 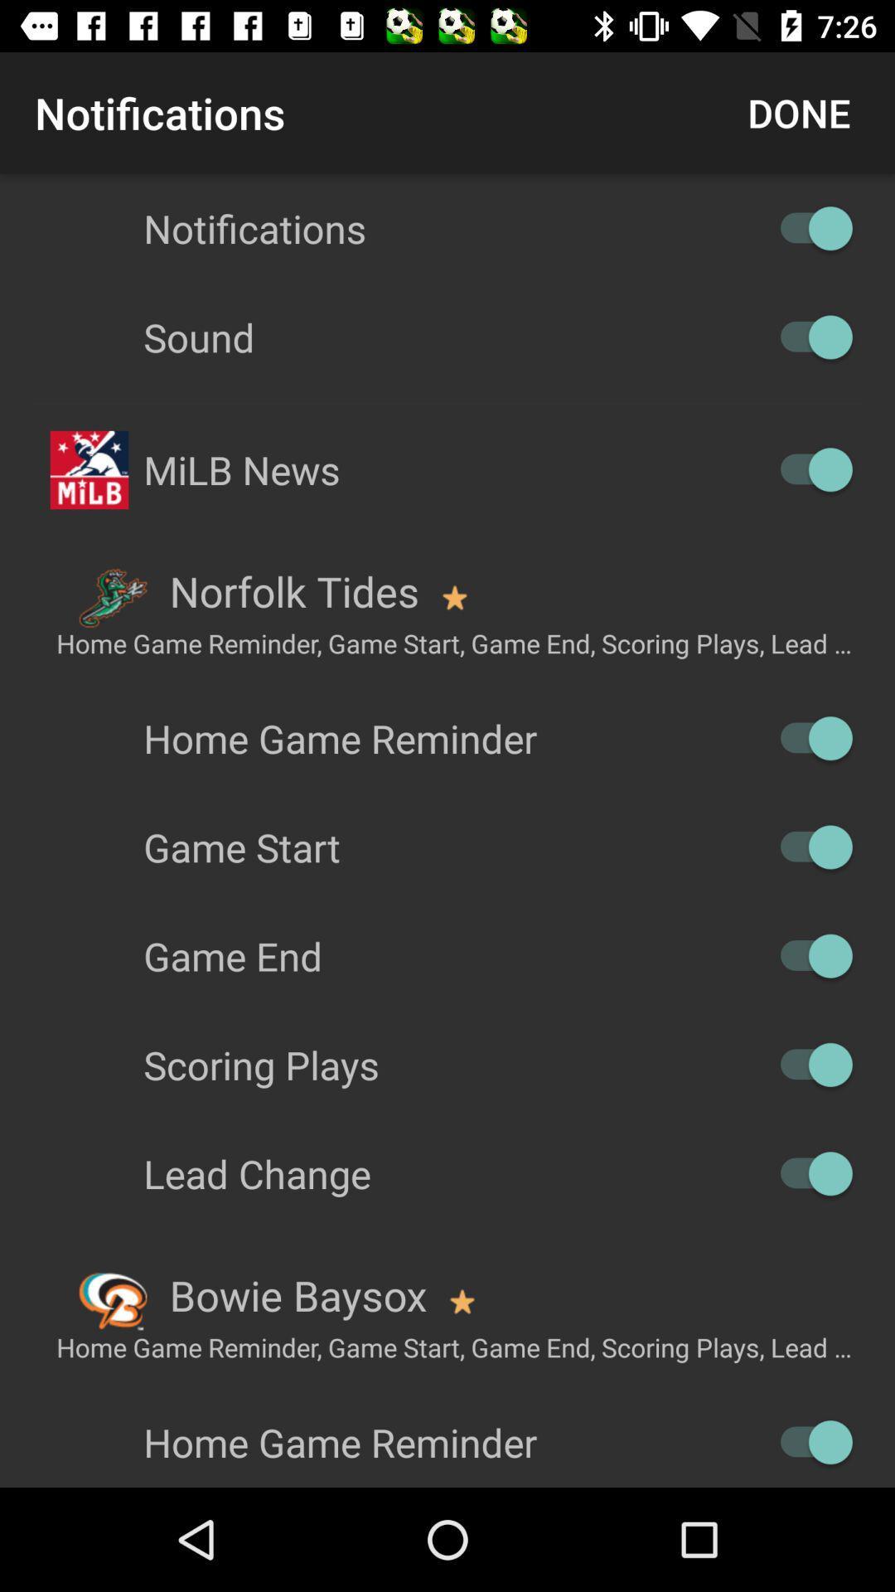 What do you see at coordinates (807, 1172) in the screenshot?
I see `off` at bounding box center [807, 1172].